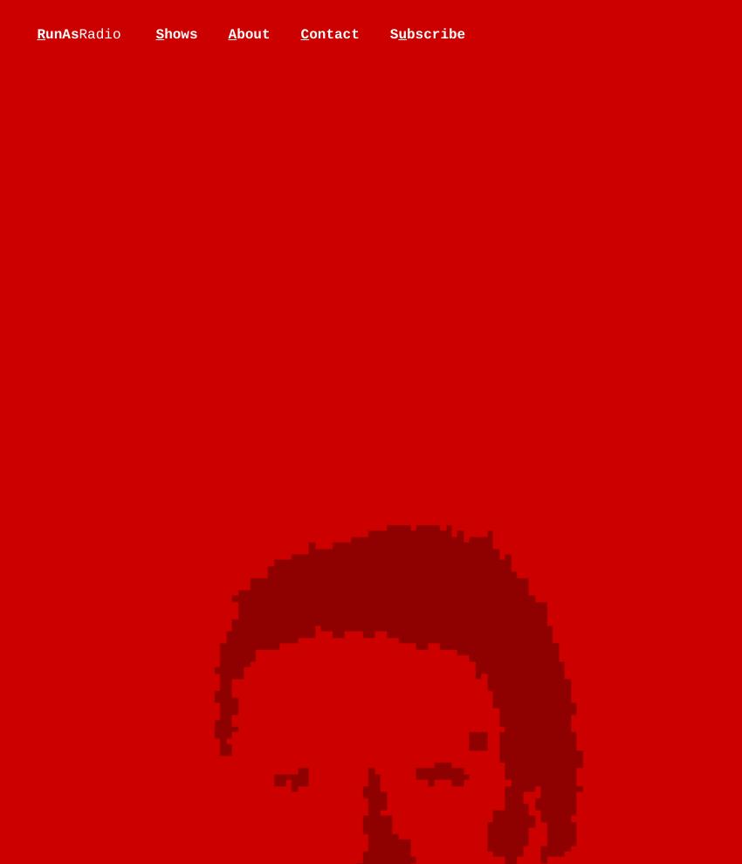 The width and height of the screenshot is (742, 864). Describe the element at coordinates (252, 33) in the screenshot. I see `'bout'` at that location.